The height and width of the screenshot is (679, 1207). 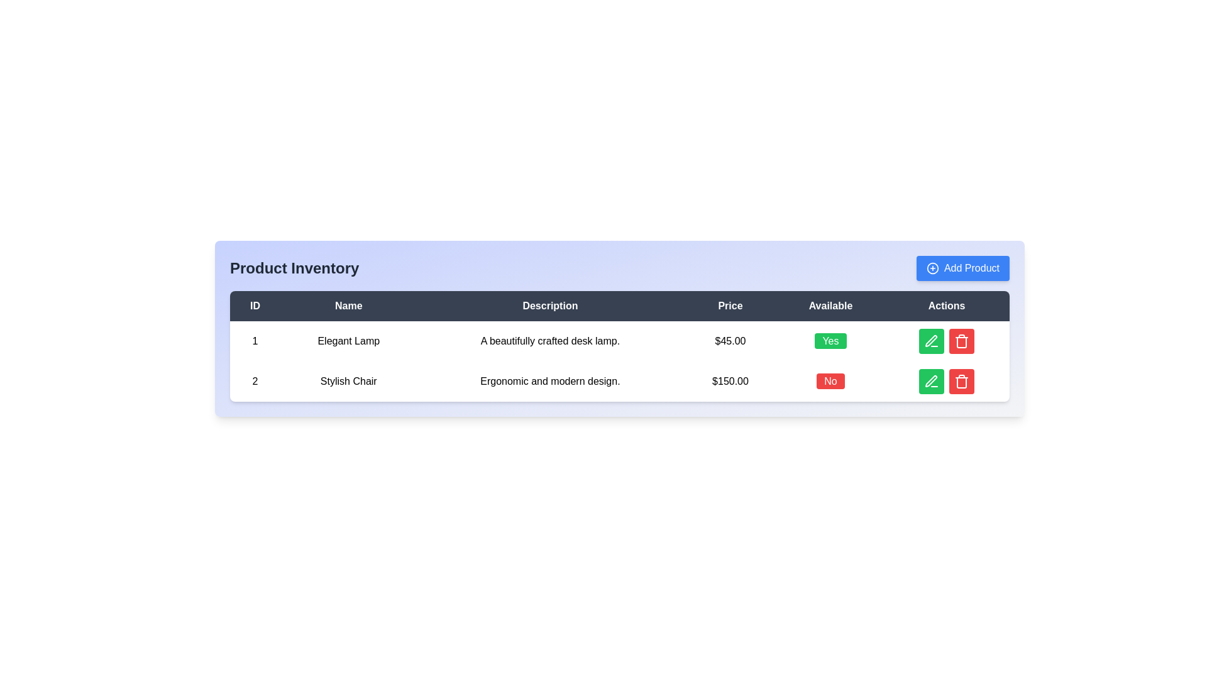 I want to click on the Price display field showing the value '$45.00', which is centrally aligned in the fourth column of the first row under the 'Price' heading, so click(x=730, y=341).